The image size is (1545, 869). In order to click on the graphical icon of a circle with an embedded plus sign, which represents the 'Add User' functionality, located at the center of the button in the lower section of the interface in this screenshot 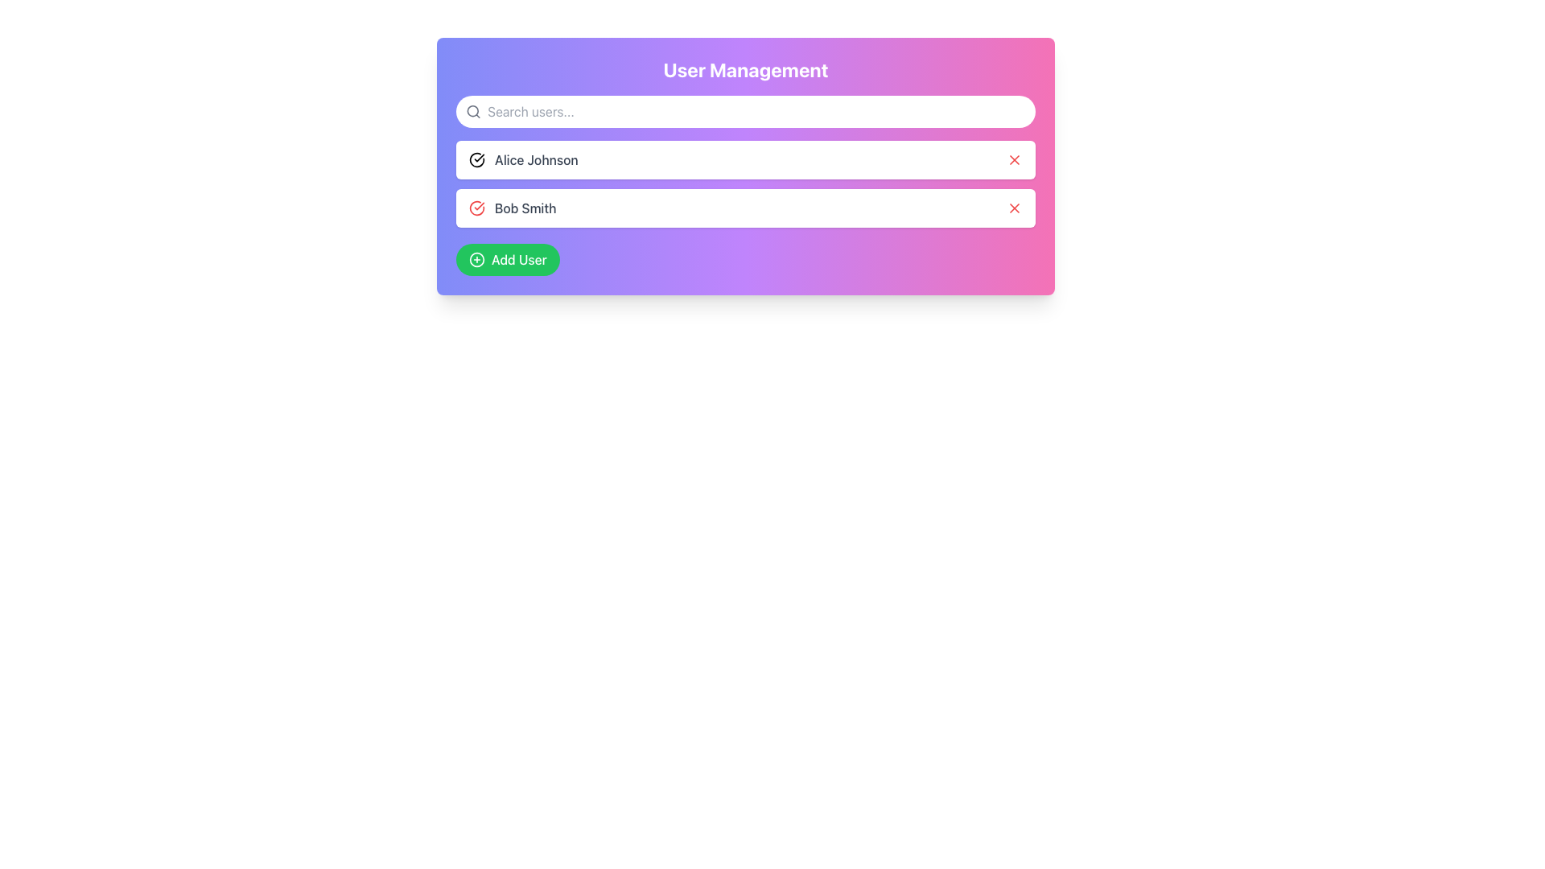, I will do `click(476, 259)`.